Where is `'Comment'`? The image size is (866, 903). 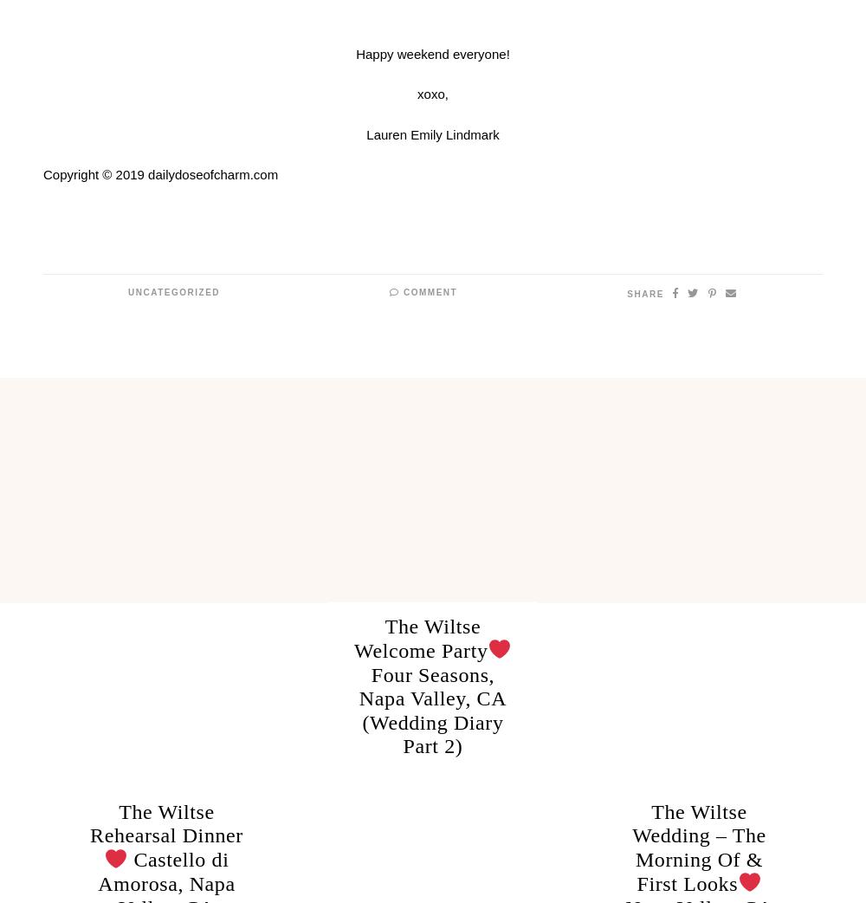
'Comment' is located at coordinates (398, 292).